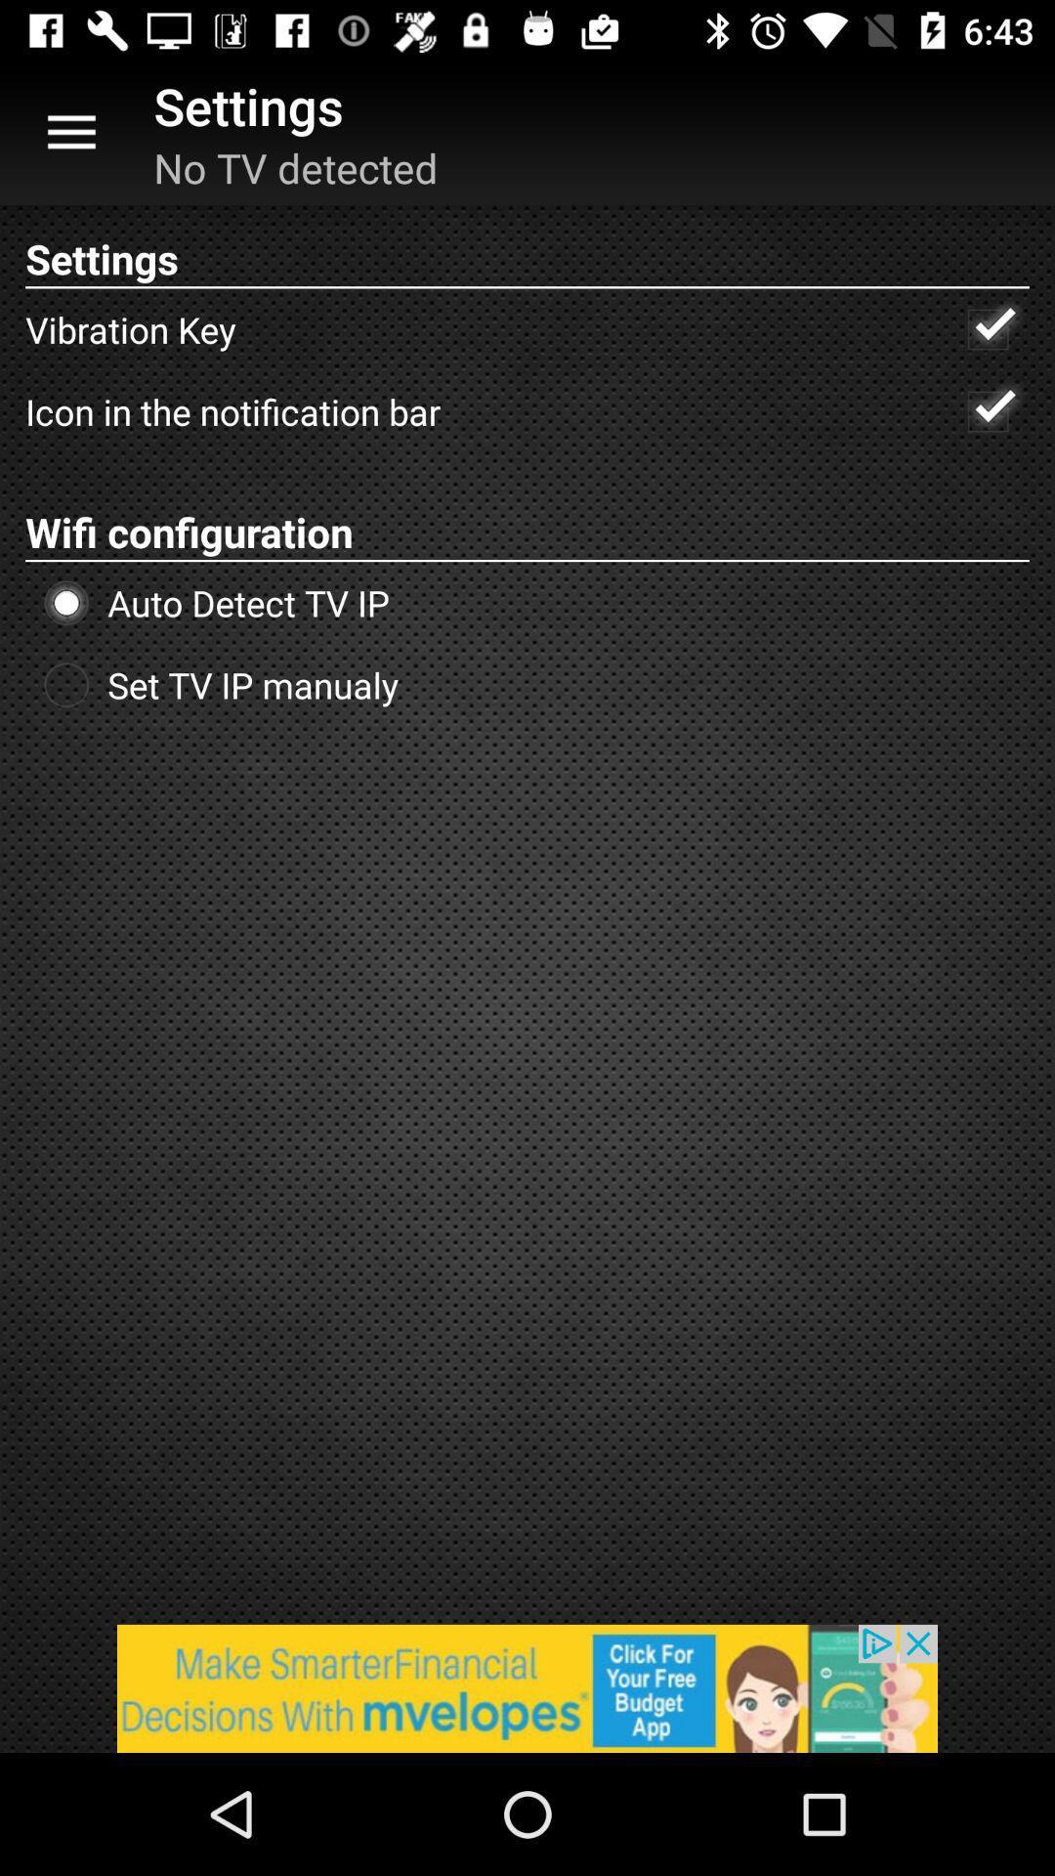  I want to click on icon to notification bar, so click(988, 410).